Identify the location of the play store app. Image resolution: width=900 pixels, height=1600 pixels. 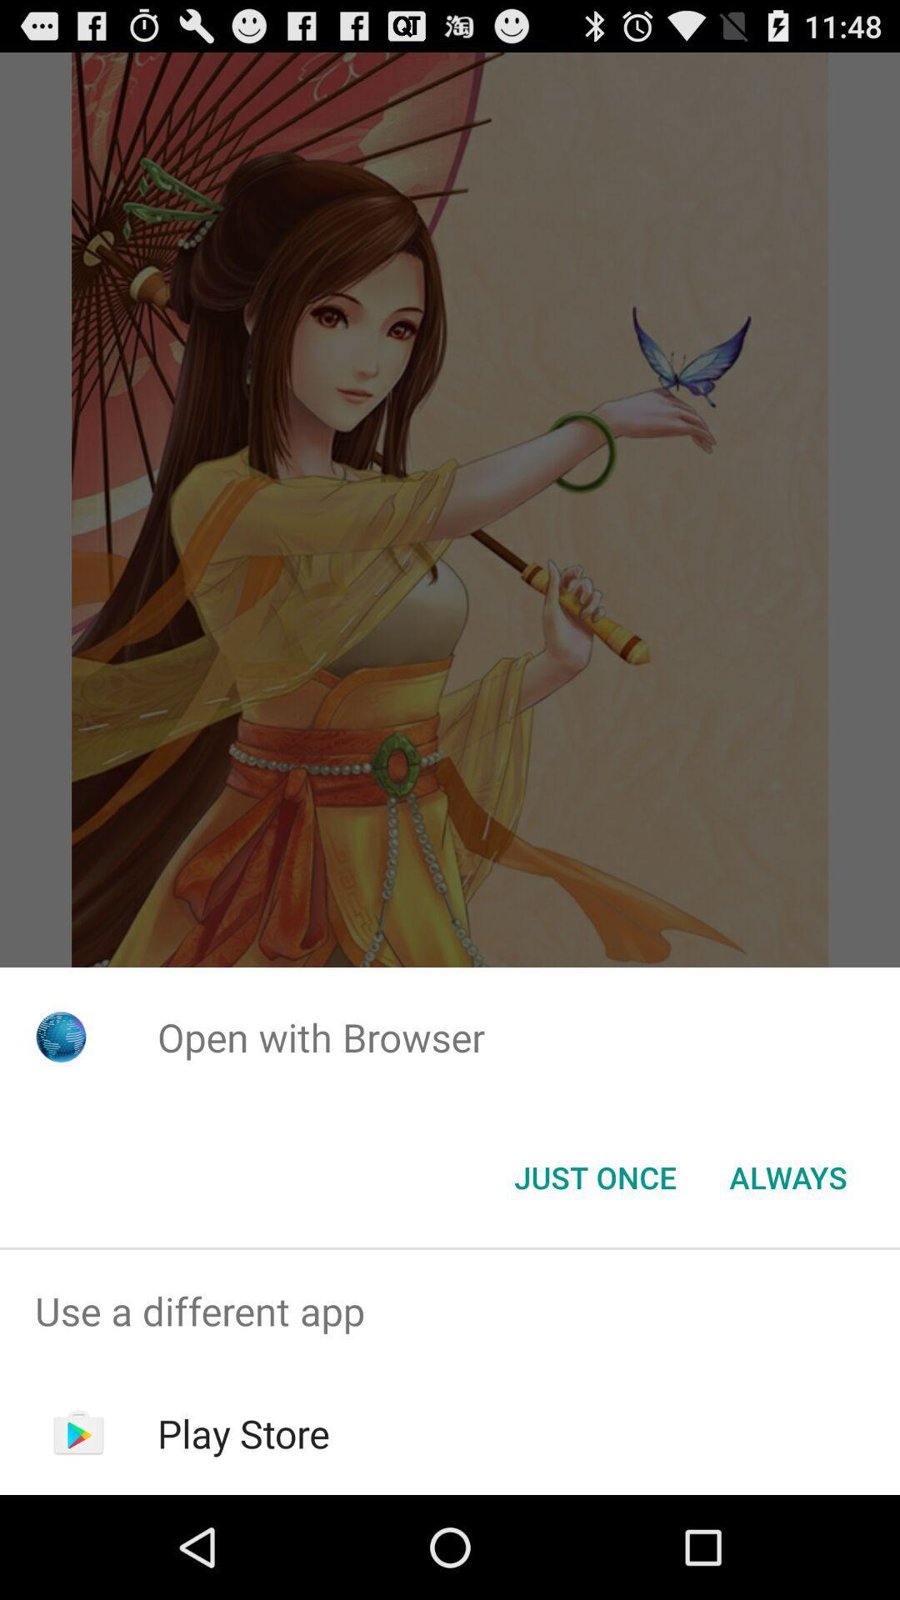
(243, 1432).